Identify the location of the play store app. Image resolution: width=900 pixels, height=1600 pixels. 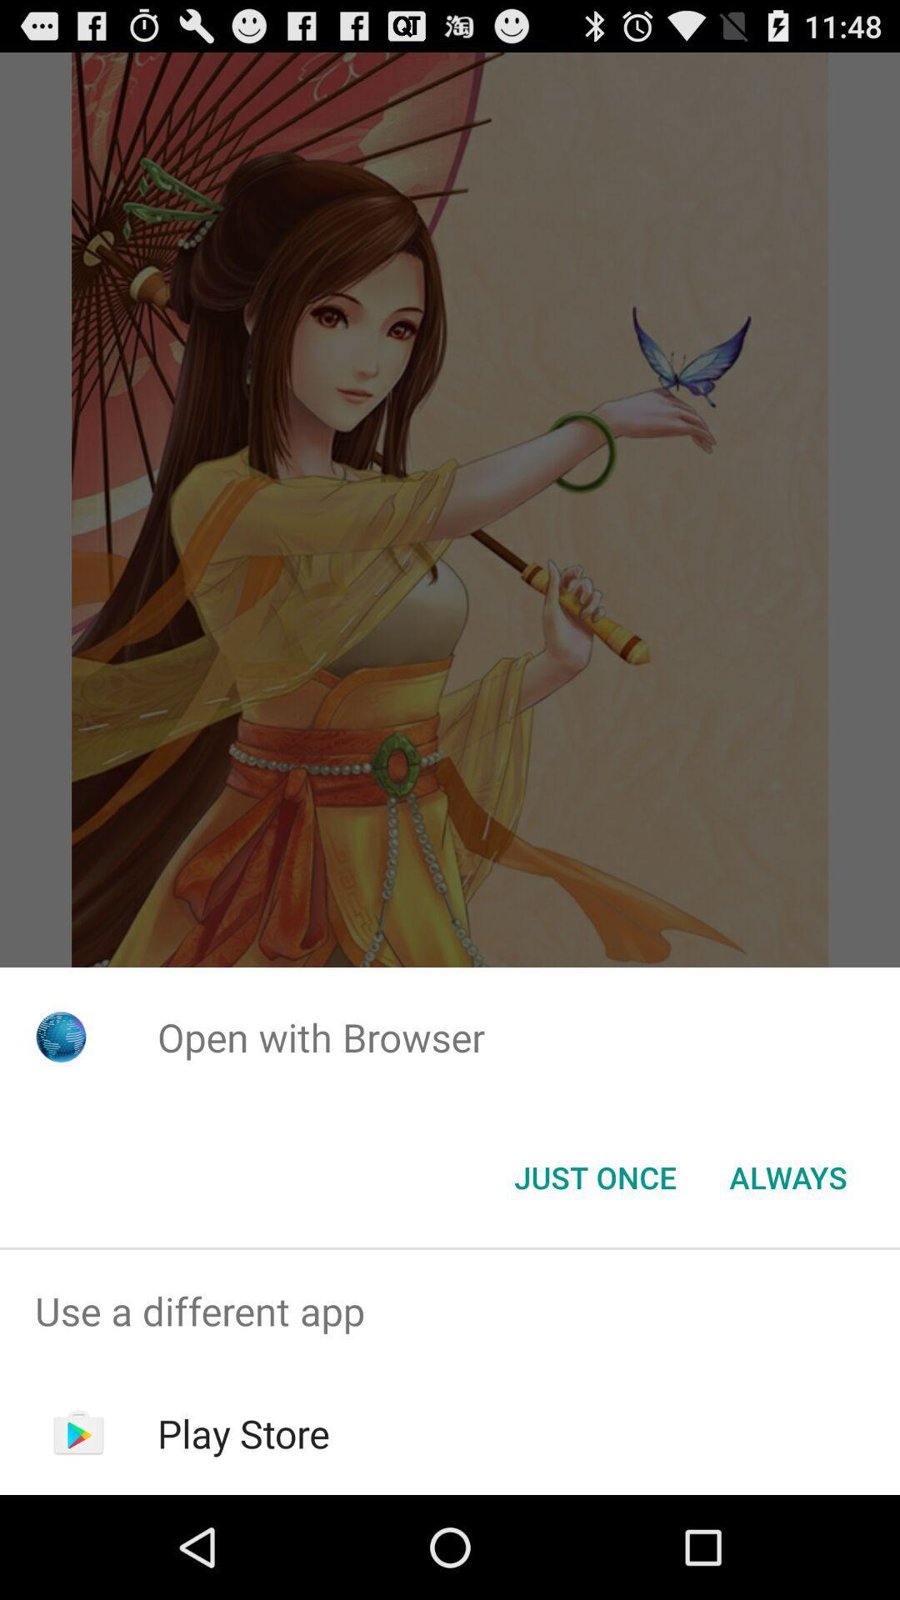
(243, 1432).